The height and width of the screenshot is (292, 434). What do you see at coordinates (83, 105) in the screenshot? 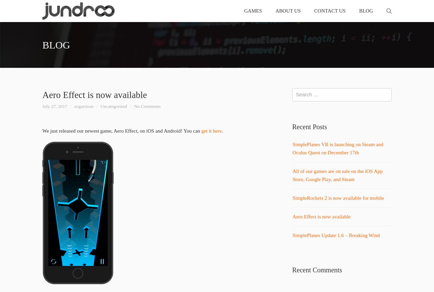
I see `'avgarrison'` at bounding box center [83, 105].